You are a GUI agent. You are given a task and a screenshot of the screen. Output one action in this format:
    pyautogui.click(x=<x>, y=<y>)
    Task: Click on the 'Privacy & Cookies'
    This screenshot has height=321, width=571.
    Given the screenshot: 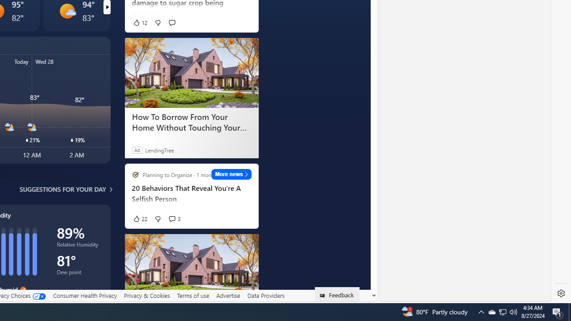 What is the action you would take?
    pyautogui.click(x=147, y=295)
    